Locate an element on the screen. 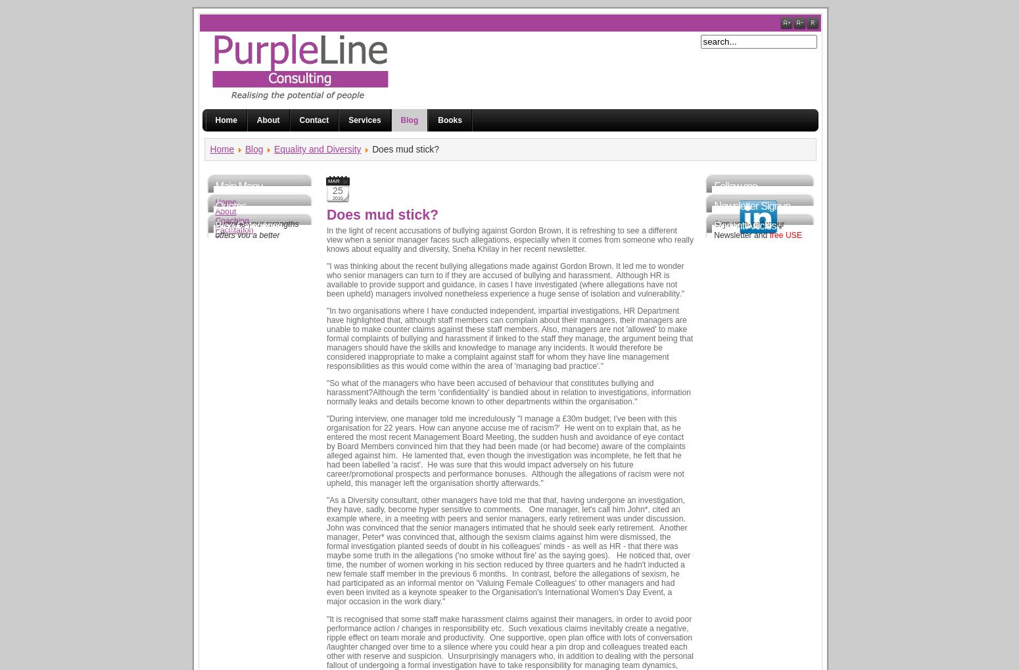 The width and height of the screenshot is (1019, 670). 'Mar' is located at coordinates (327, 181).